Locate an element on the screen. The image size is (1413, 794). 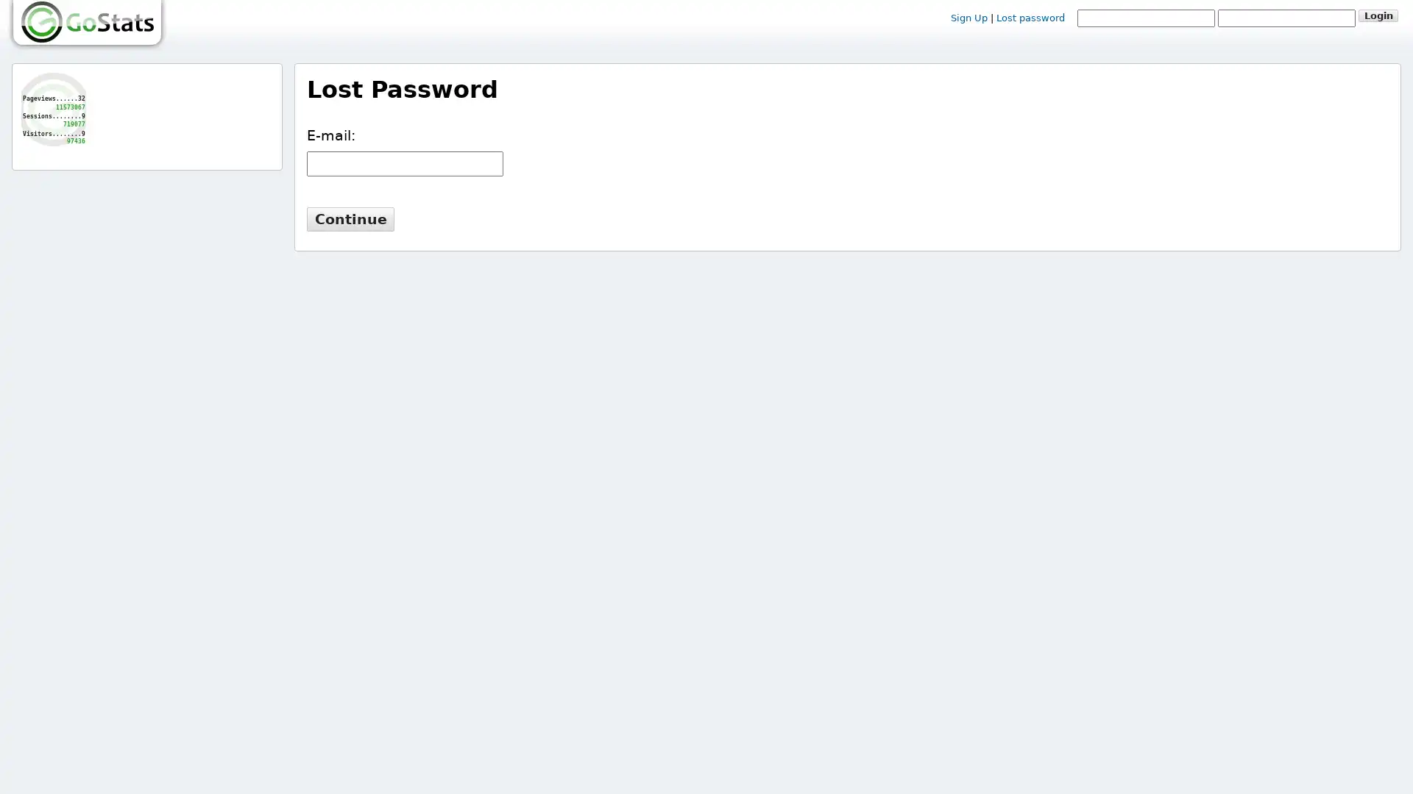
Continue is located at coordinates (350, 219).